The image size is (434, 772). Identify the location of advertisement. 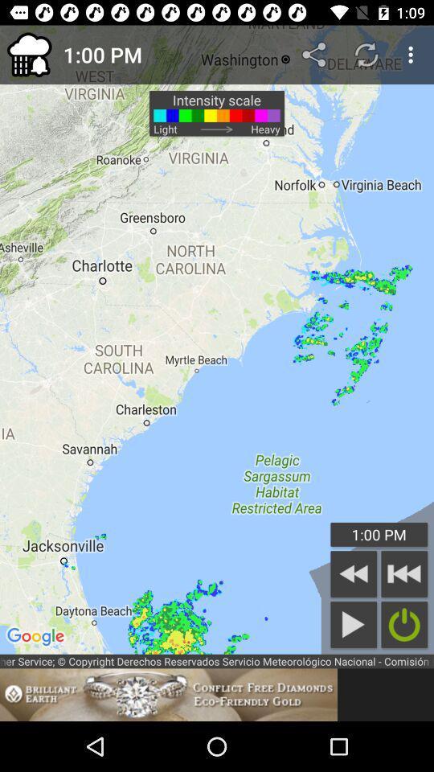
(168, 694).